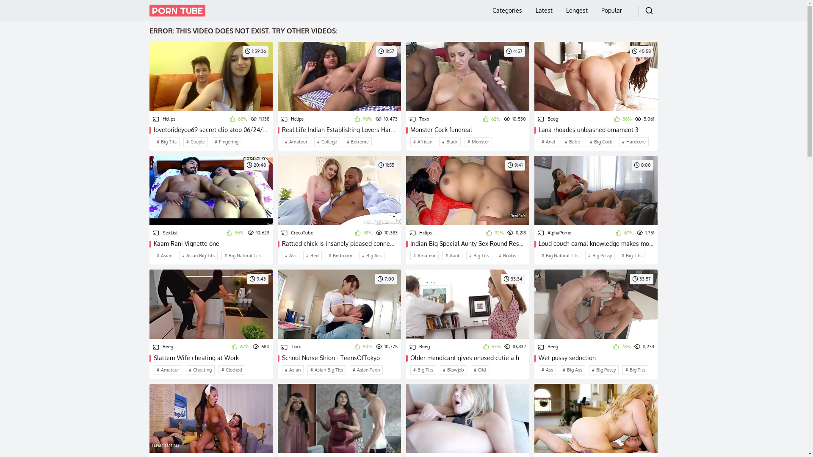 This screenshot has width=813, height=457. What do you see at coordinates (340, 255) in the screenshot?
I see `'Bedroom'` at bounding box center [340, 255].